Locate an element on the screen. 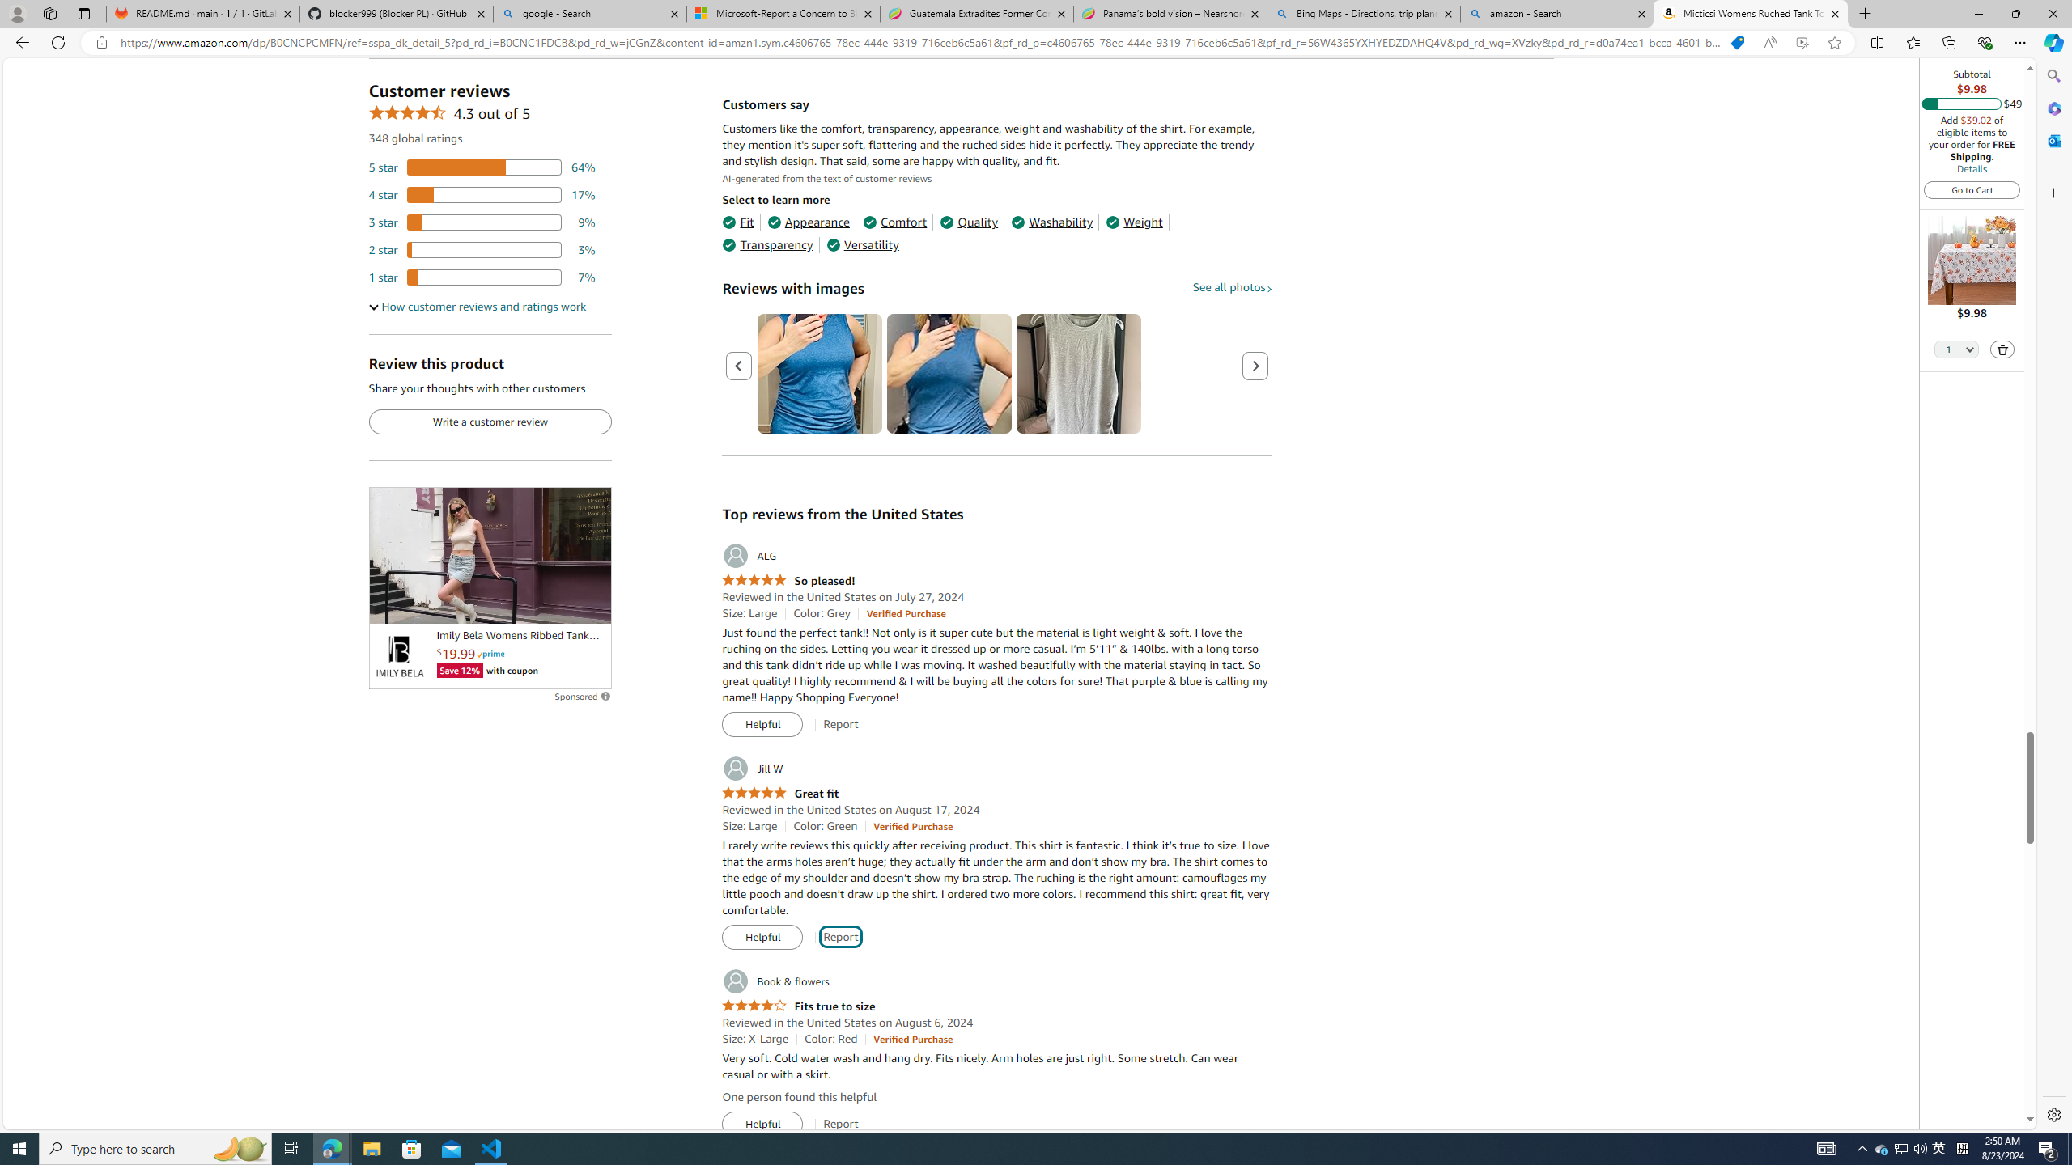  'Appearance' is located at coordinates (808, 222).